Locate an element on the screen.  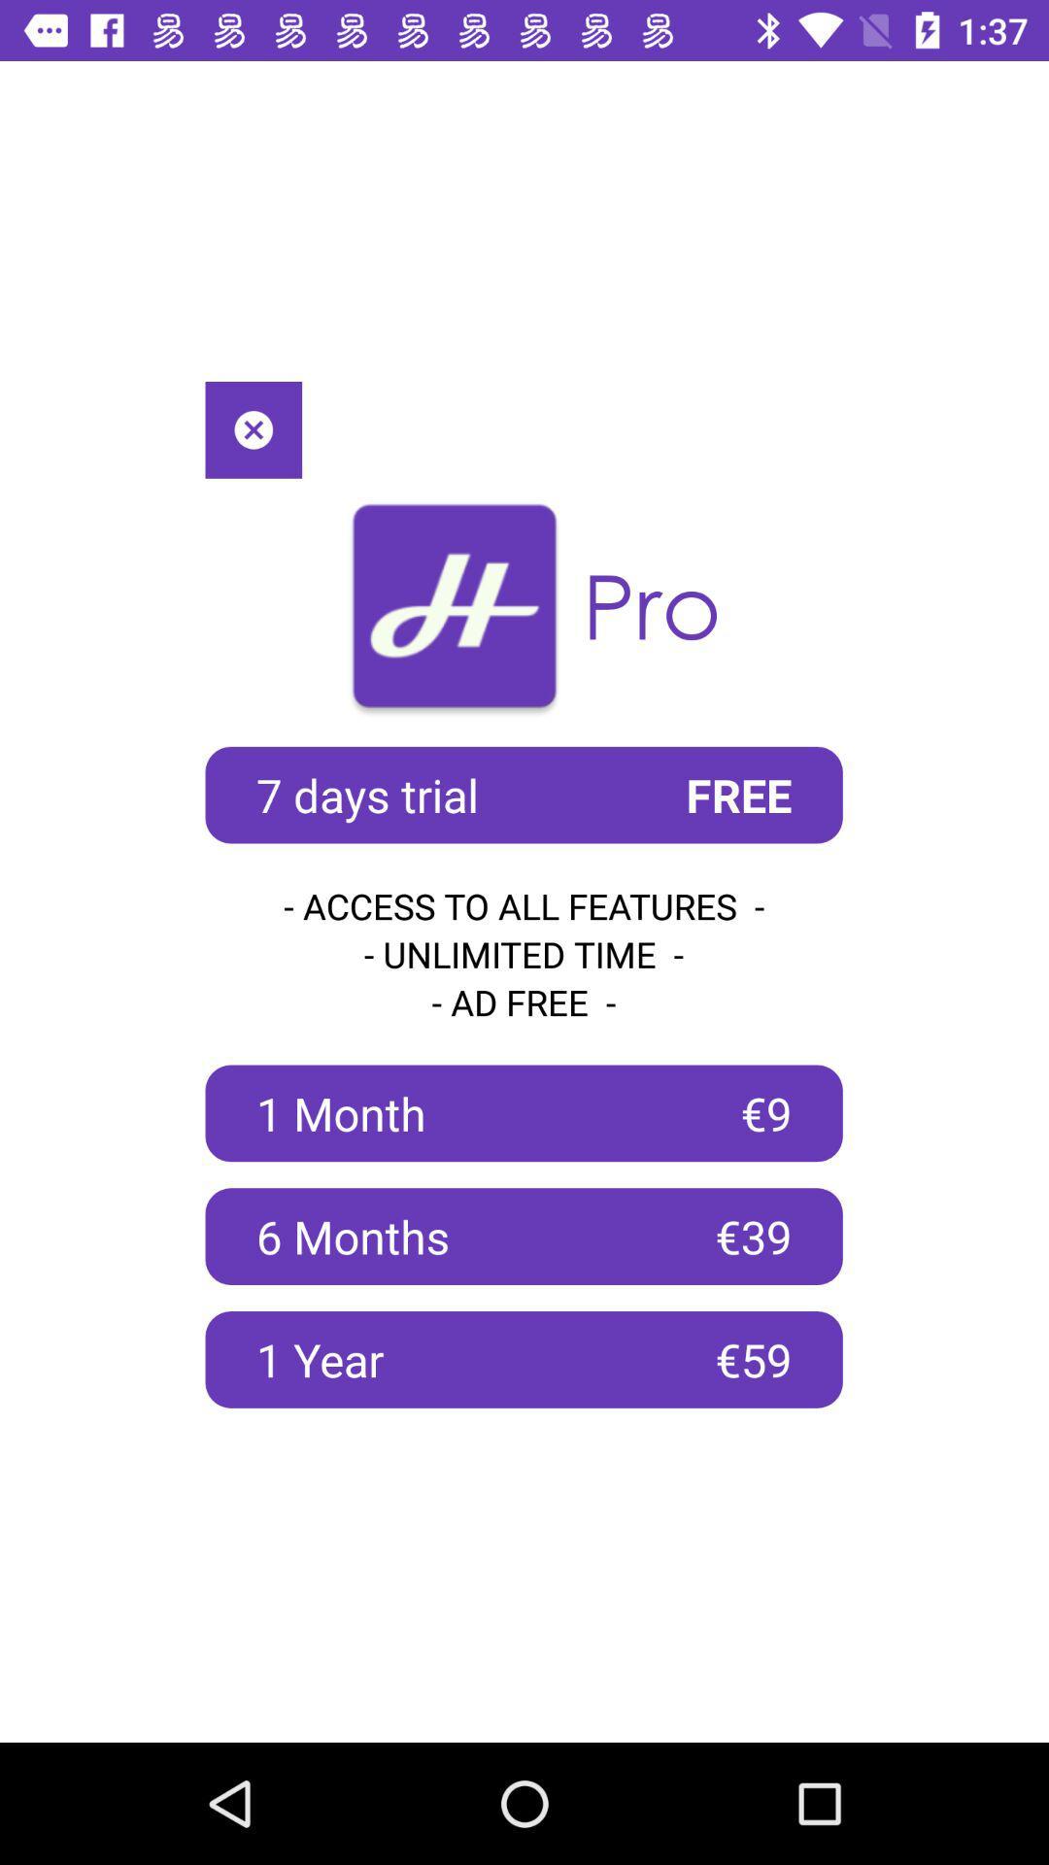
the close icon is located at coordinates (253, 428).